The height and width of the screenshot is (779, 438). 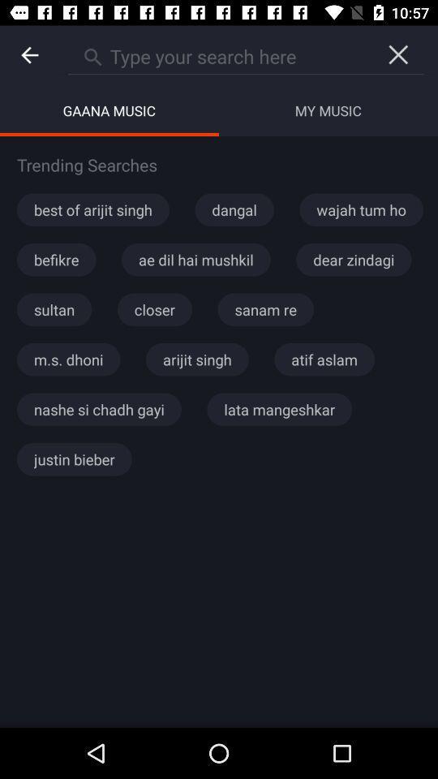 What do you see at coordinates (353, 260) in the screenshot?
I see `the dear zindagi icon` at bounding box center [353, 260].